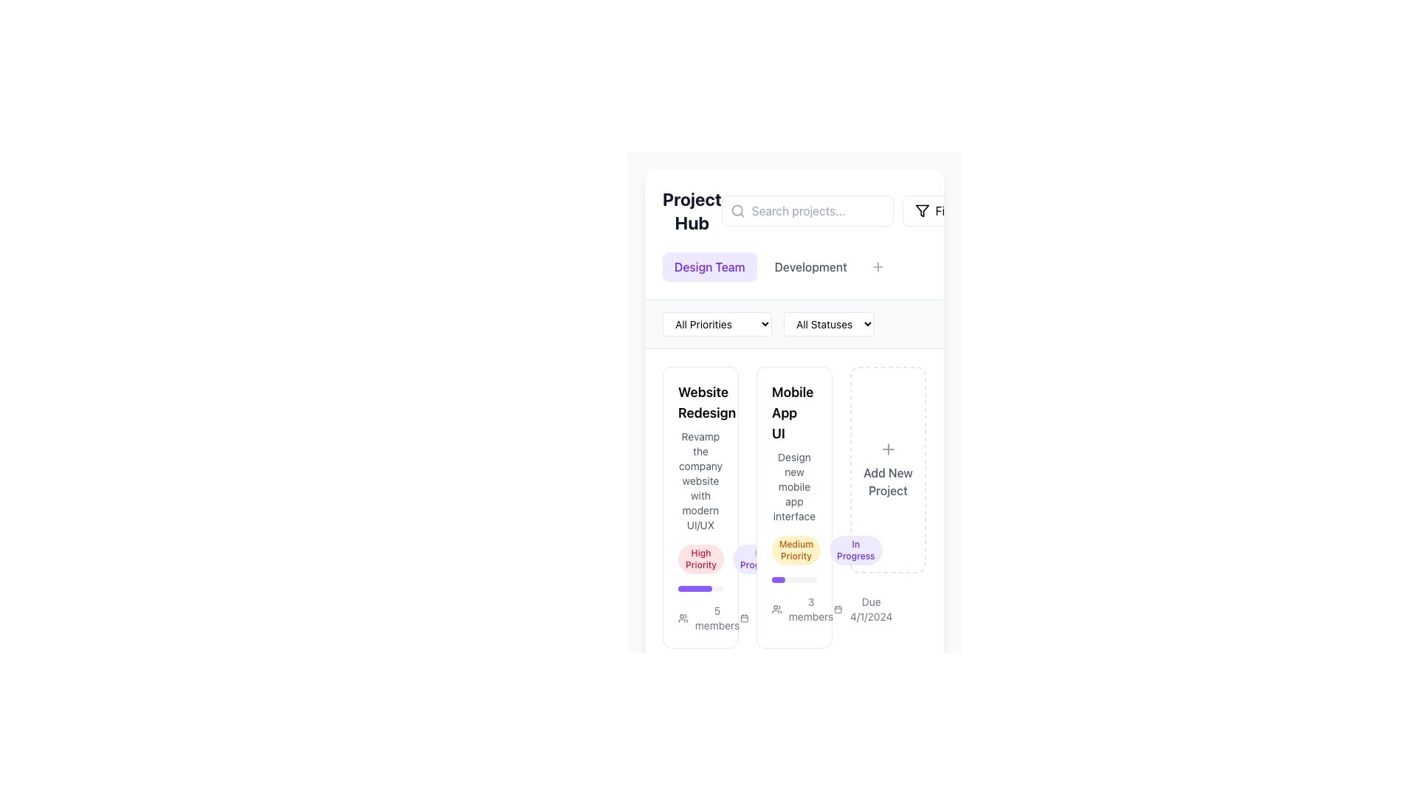 The width and height of the screenshot is (1417, 797). What do you see at coordinates (855, 550) in the screenshot?
I see `status of the 'In Progress' tag, which is a rounded rectangle with a light violet background and bold purple text, located in the 'Mobile App UI' card` at bounding box center [855, 550].